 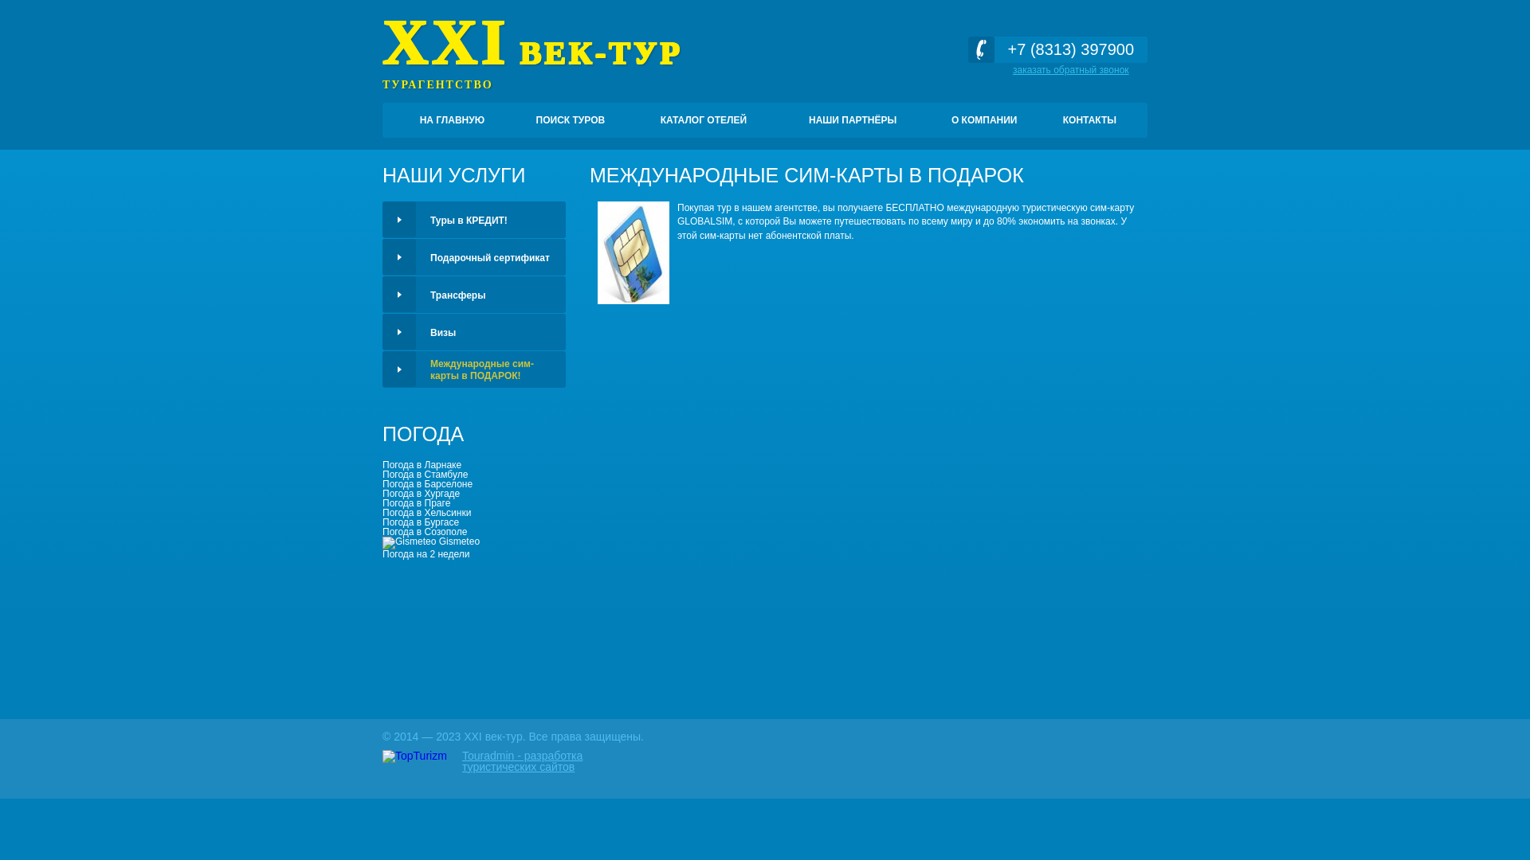 What do you see at coordinates (382, 542) in the screenshot?
I see `'Gismeteo'` at bounding box center [382, 542].